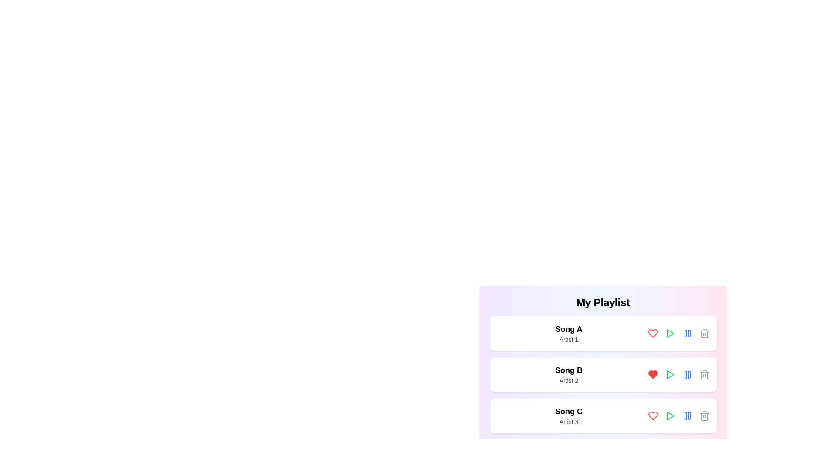 The height and width of the screenshot is (463, 824). I want to click on the play button for Song C, so click(669, 415).